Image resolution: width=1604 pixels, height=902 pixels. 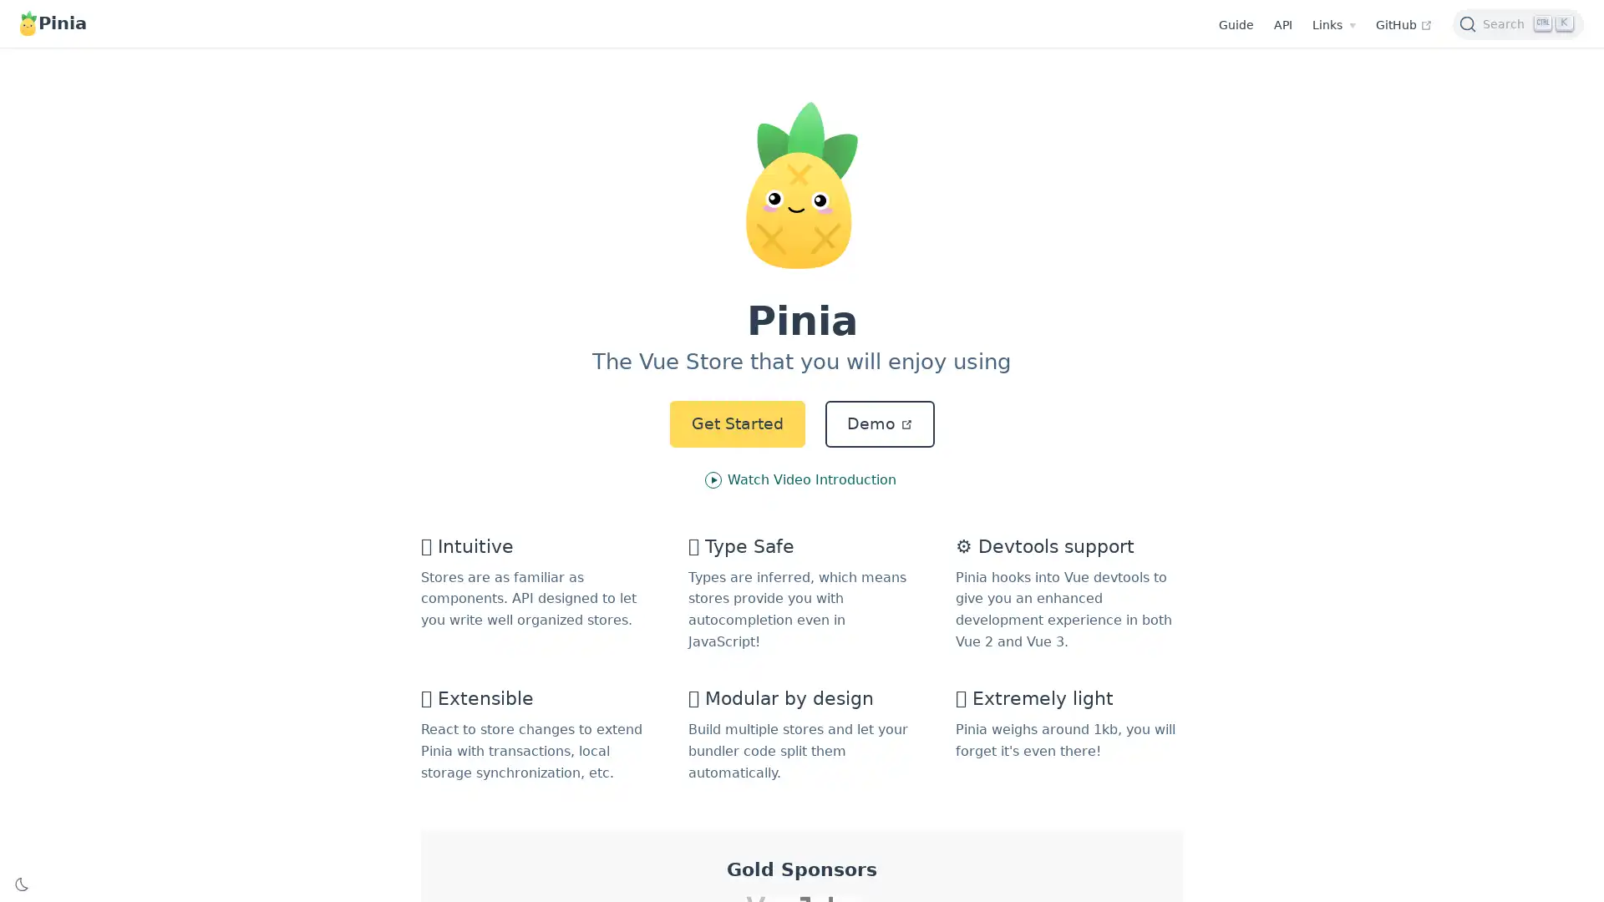 I want to click on Switch to dark mode, so click(x=21, y=883).